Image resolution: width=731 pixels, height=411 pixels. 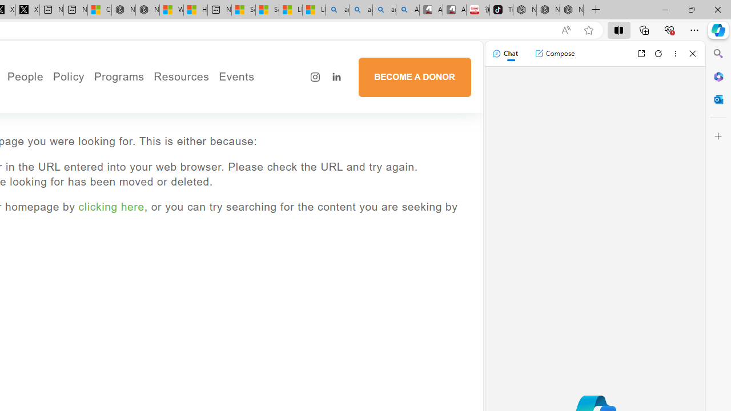 What do you see at coordinates (718, 54) in the screenshot?
I see `'Search'` at bounding box center [718, 54].